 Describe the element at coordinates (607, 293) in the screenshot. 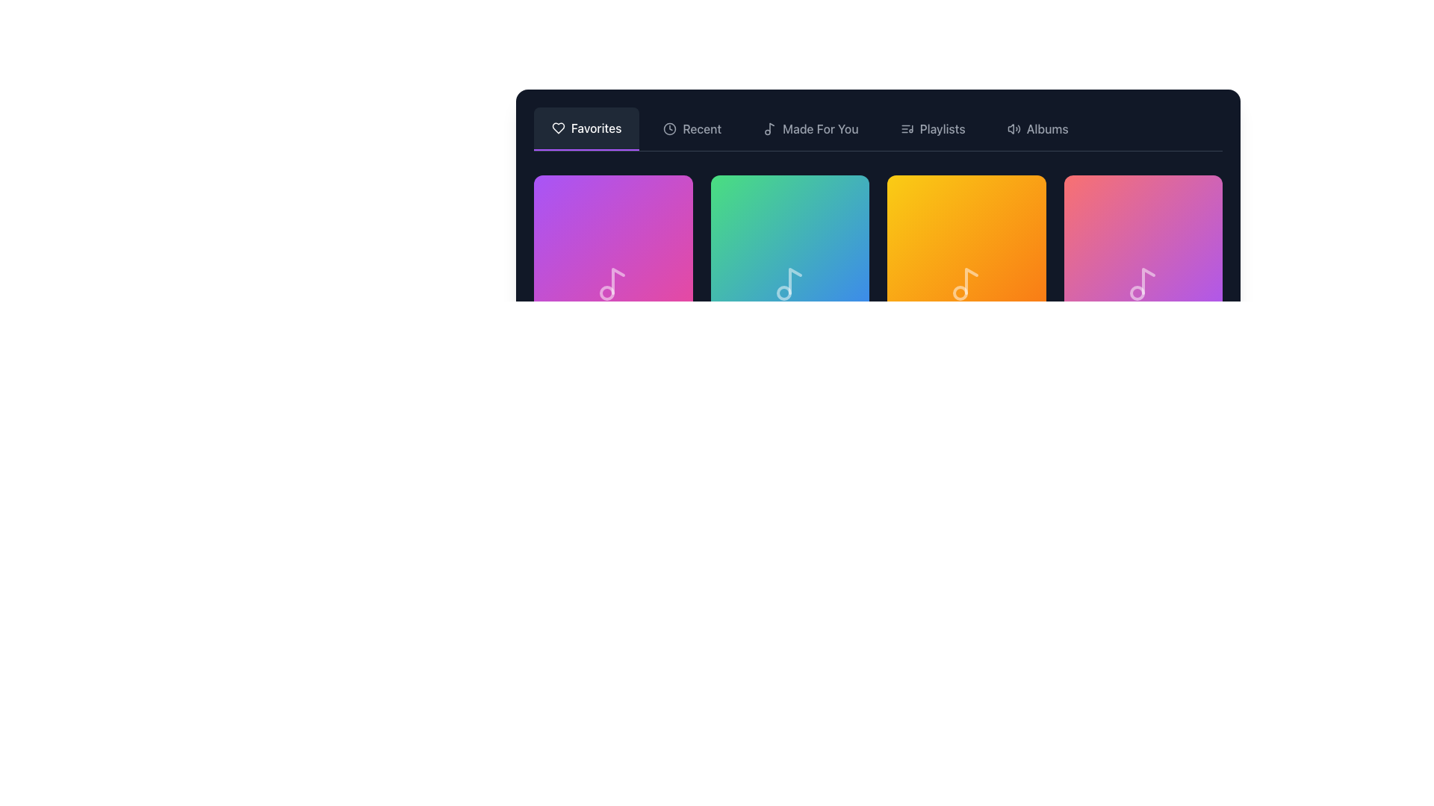

I see `the decorative graphical element (circle) located at the bottom left of the first album tile in the row of album previews, which is part of the music icon` at that location.